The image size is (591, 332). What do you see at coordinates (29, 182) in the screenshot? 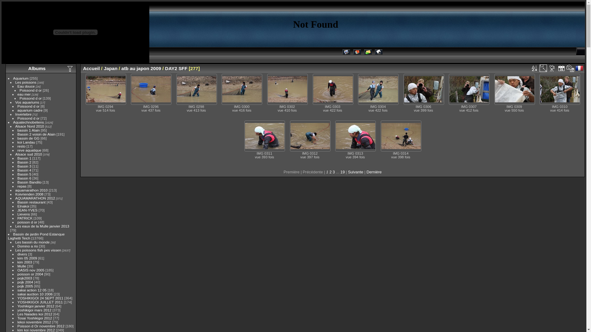
I see `'Bassin Bandito'` at bounding box center [29, 182].